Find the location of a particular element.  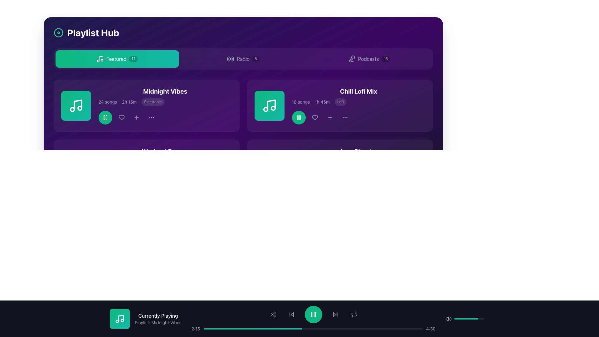

the speaker icon in the audio control section, which is represented by a vector graphic resembling a speaker with sound waves is located at coordinates (447, 319).